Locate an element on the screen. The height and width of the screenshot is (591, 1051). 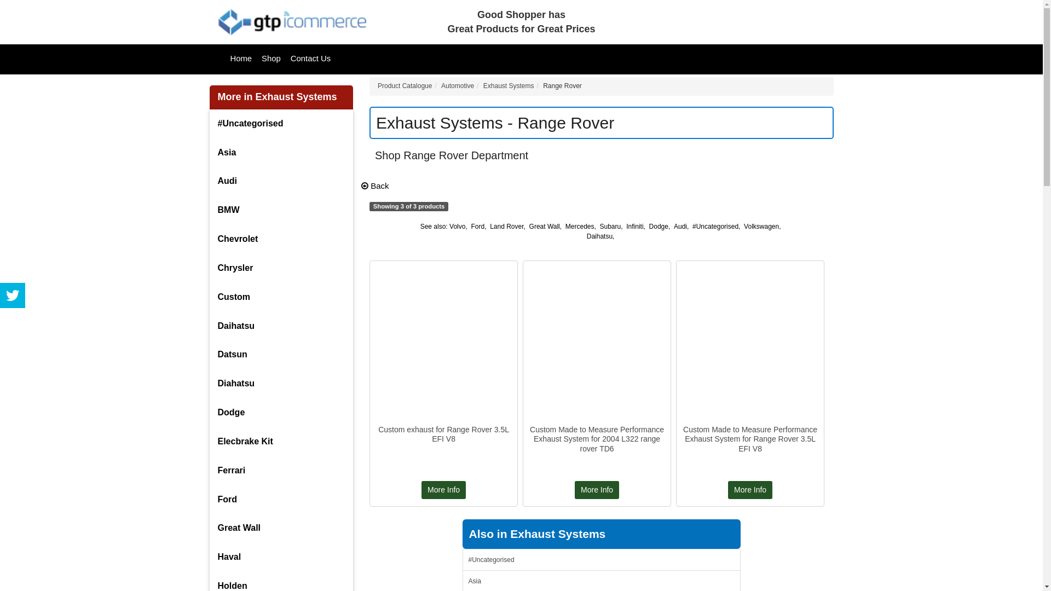
'Mercedes' is located at coordinates (579, 225).